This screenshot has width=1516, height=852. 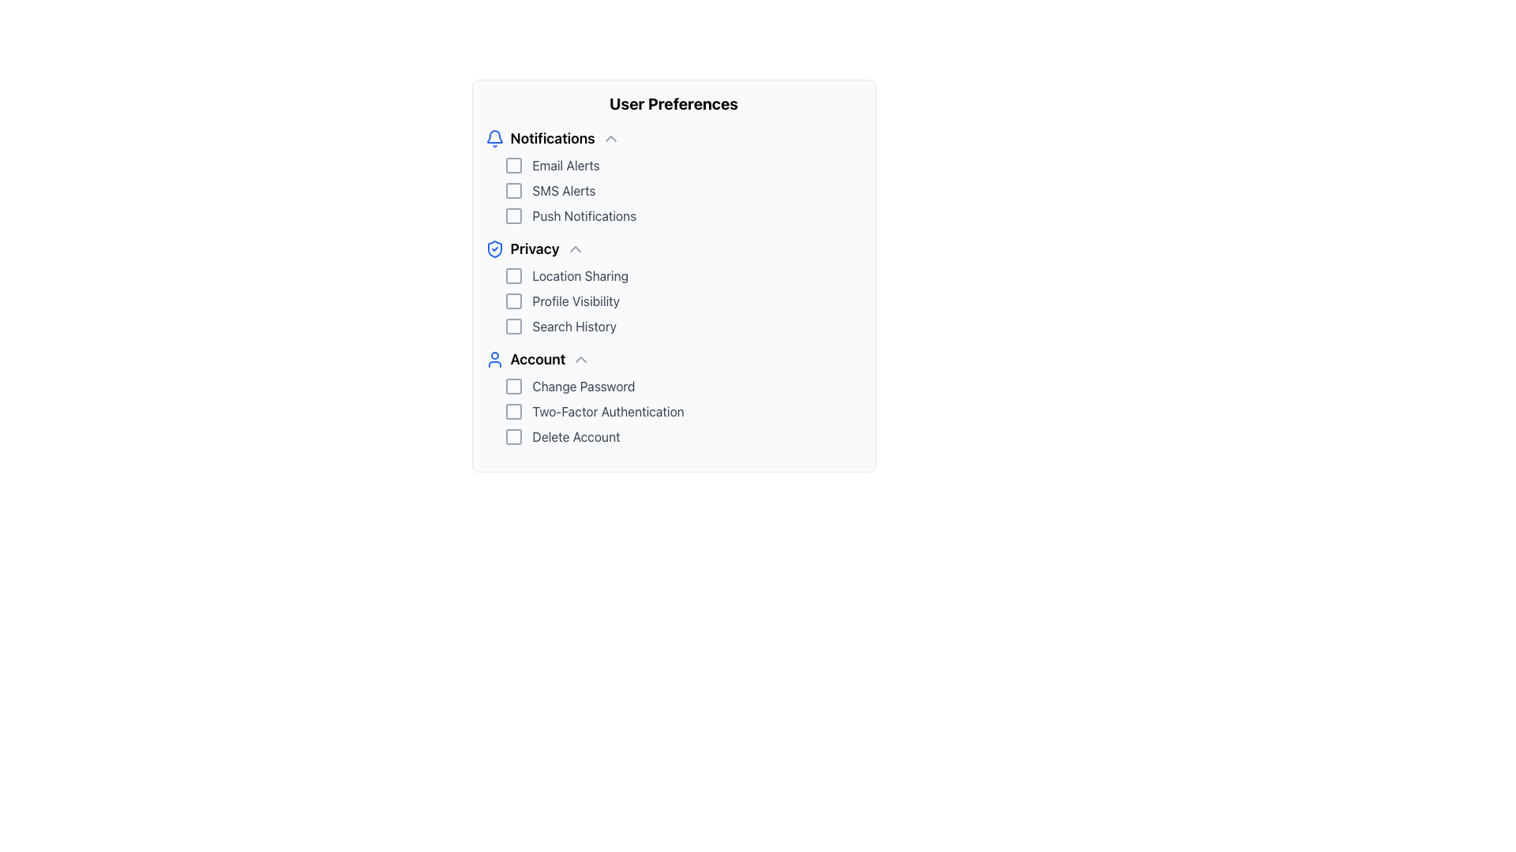 What do you see at coordinates (674, 190) in the screenshot?
I see `the checkboxes in the 'Notifications' section of the 'User Preferences' panel` at bounding box center [674, 190].